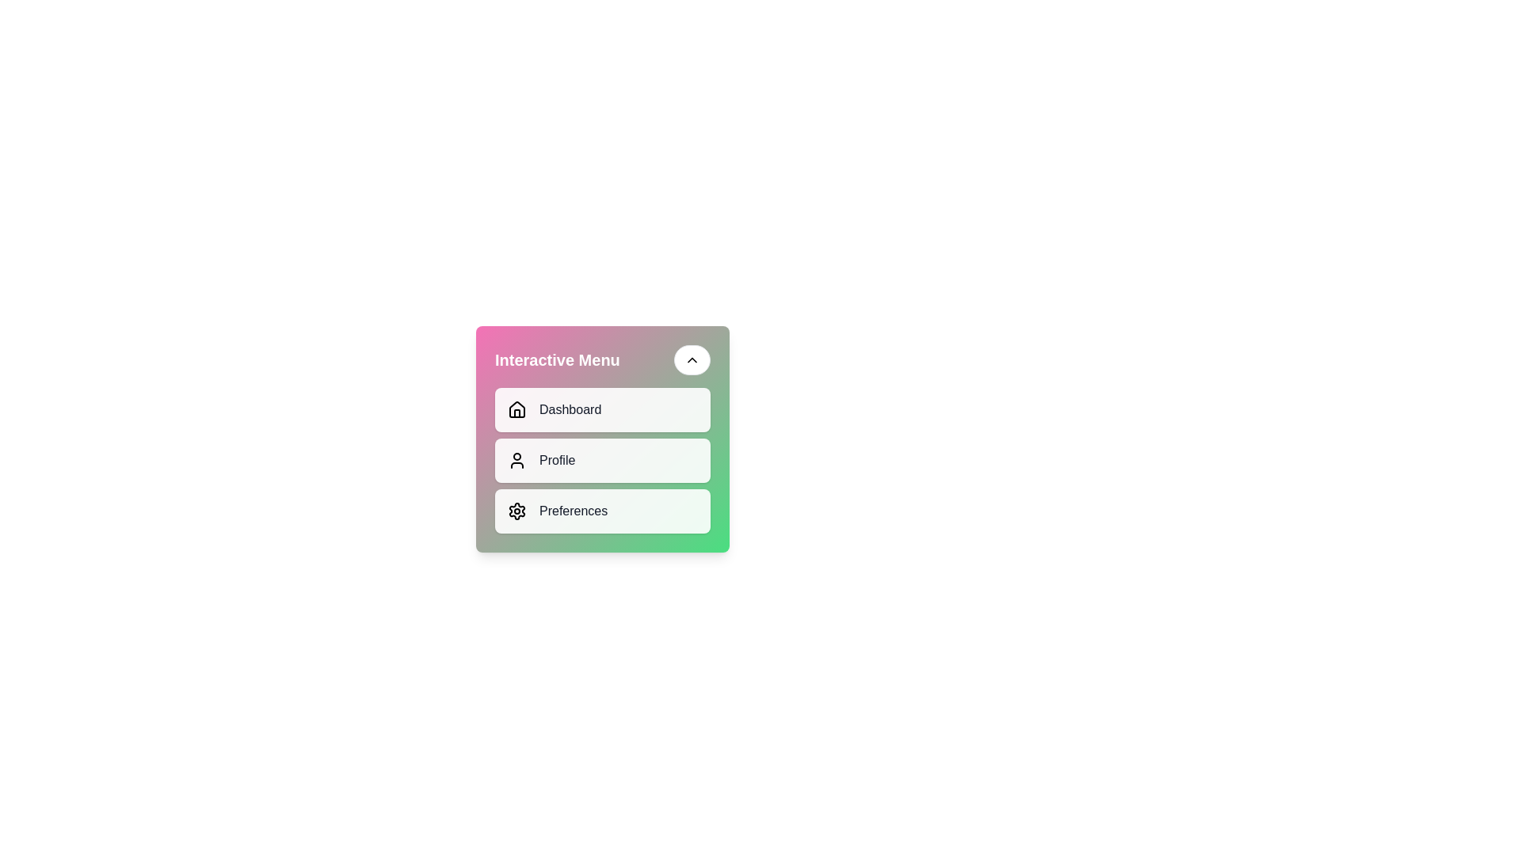 Image resolution: width=1521 pixels, height=855 pixels. Describe the element at coordinates (517, 408) in the screenshot. I see `the house icon located next to the 'Dashboard' text` at that location.